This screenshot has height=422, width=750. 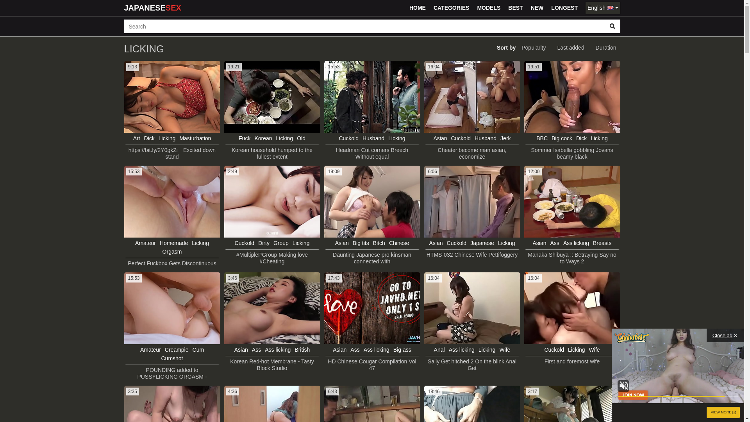 What do you see at coordinates (264, 349) in the screenshot?
I see `'Ass licking'` at bounding box center [264, 349].